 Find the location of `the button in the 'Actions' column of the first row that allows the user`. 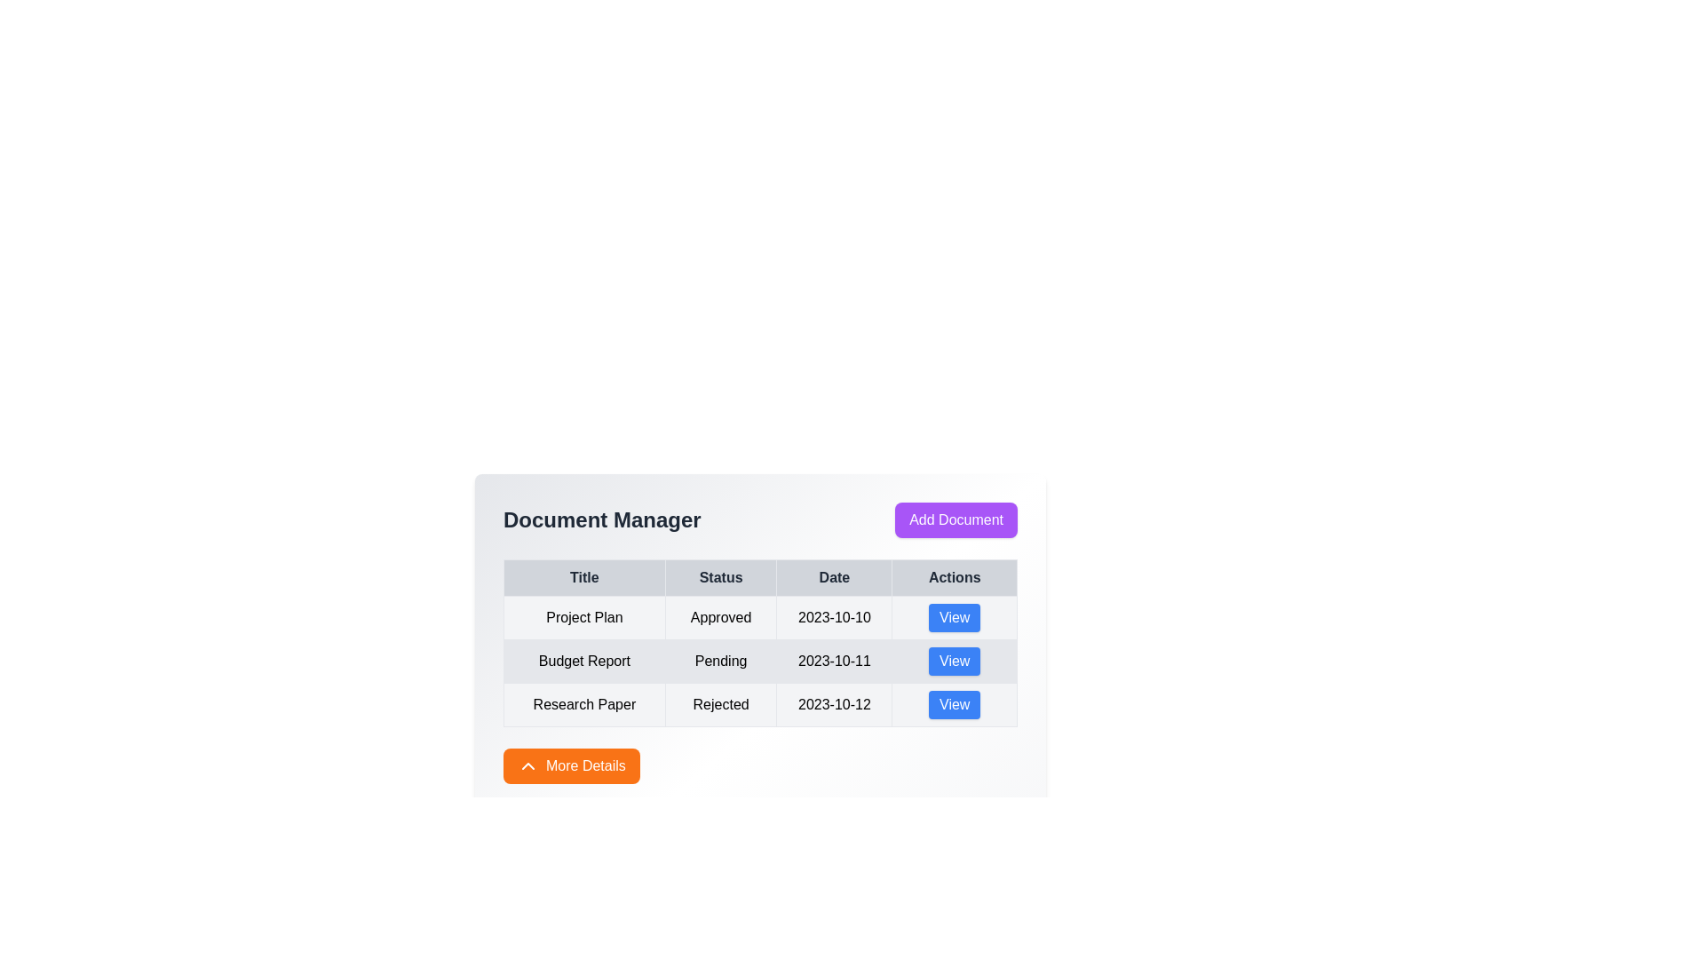

the button in the 'Actions' column of the first row that allows the user is located at coordinates (954, 616).